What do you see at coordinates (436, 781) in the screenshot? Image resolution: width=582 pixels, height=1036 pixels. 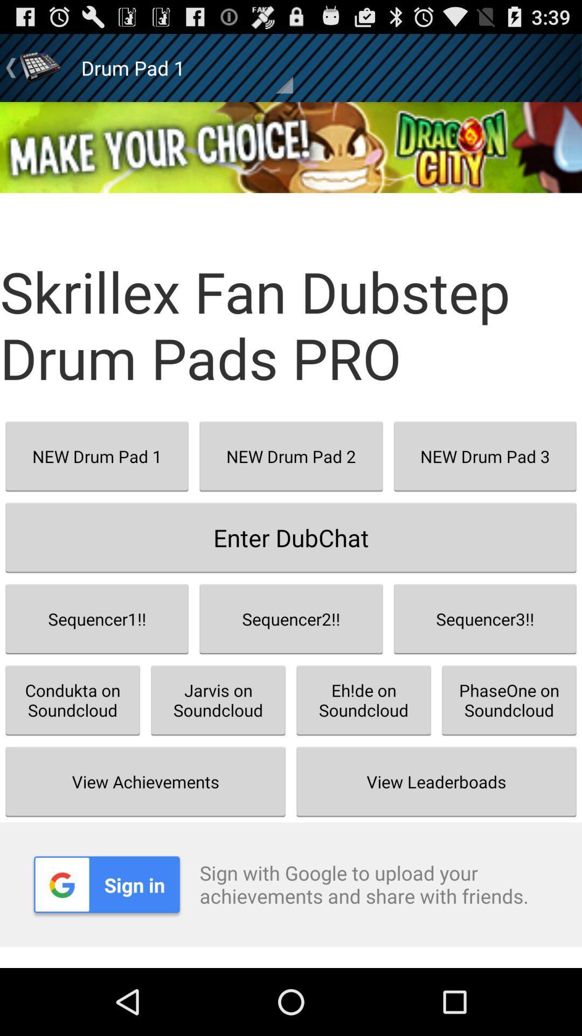 I see `the icon above sign with google app` at bounding box center [436, 781].